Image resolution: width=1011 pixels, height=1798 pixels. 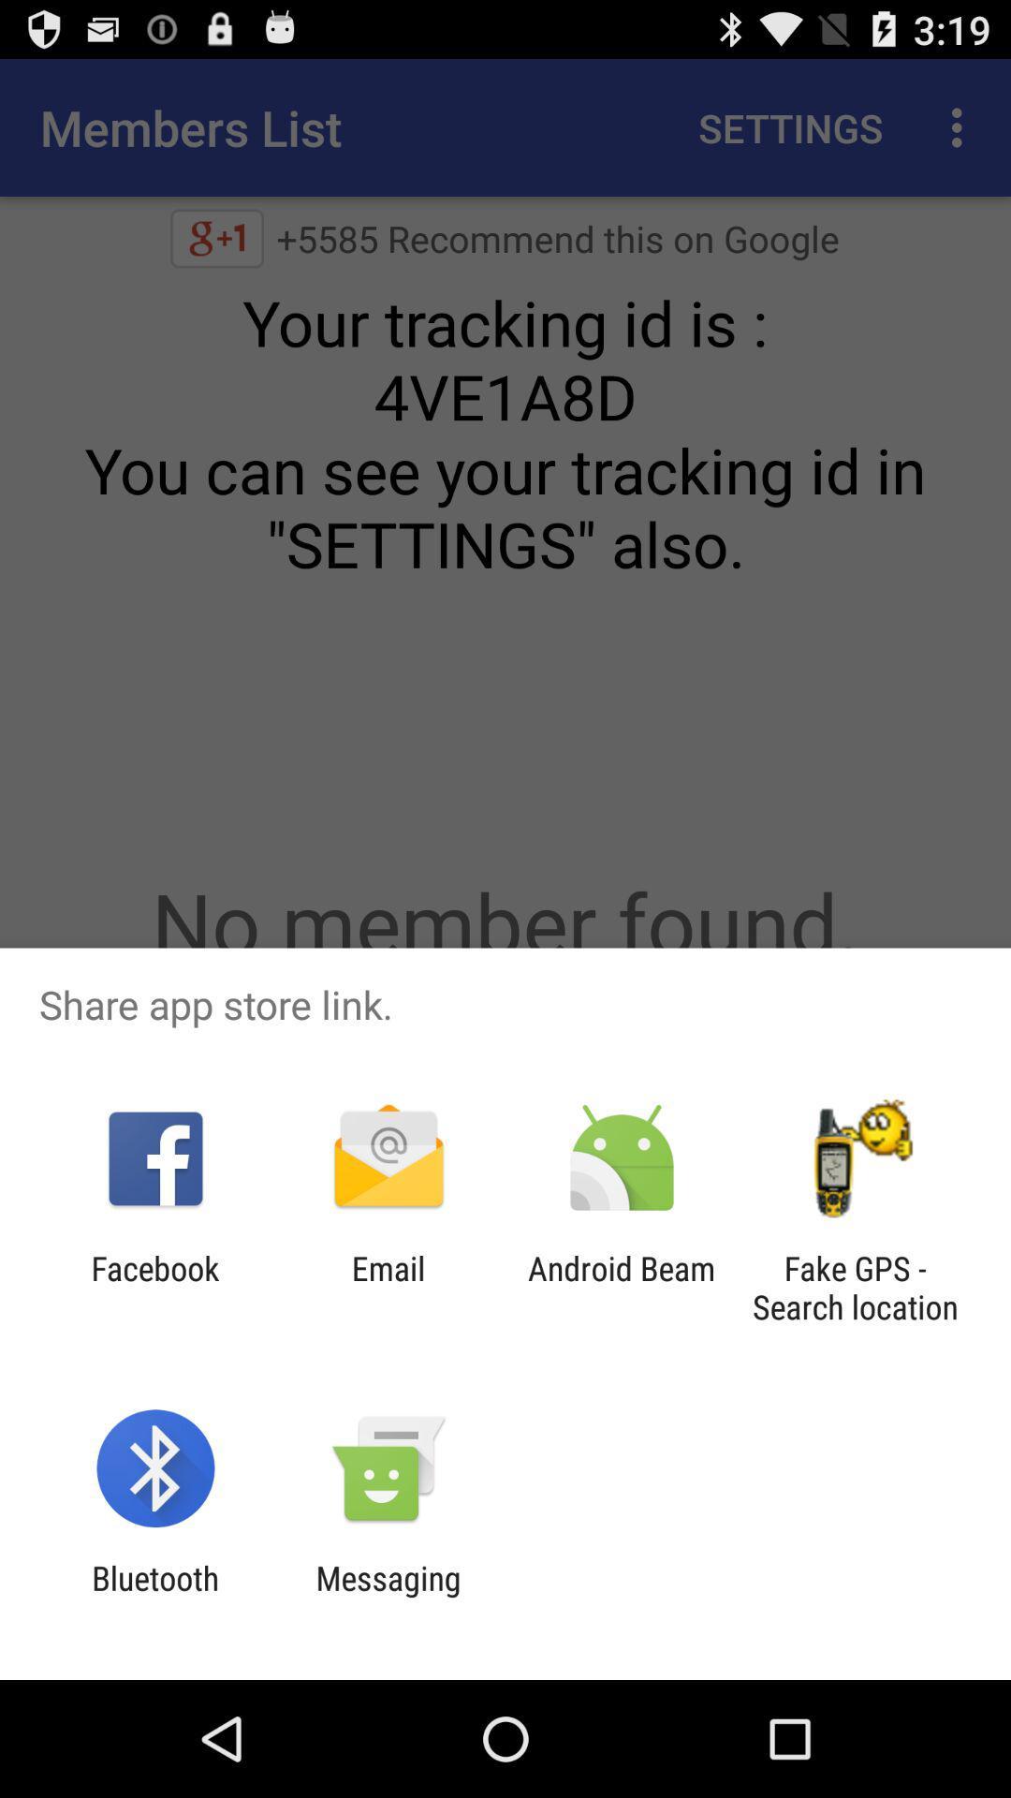 What do you see at coordinates (388, 1287) in the screenshot?
I see `the app to the left of the android beam` at bounding box center [388, 1287].